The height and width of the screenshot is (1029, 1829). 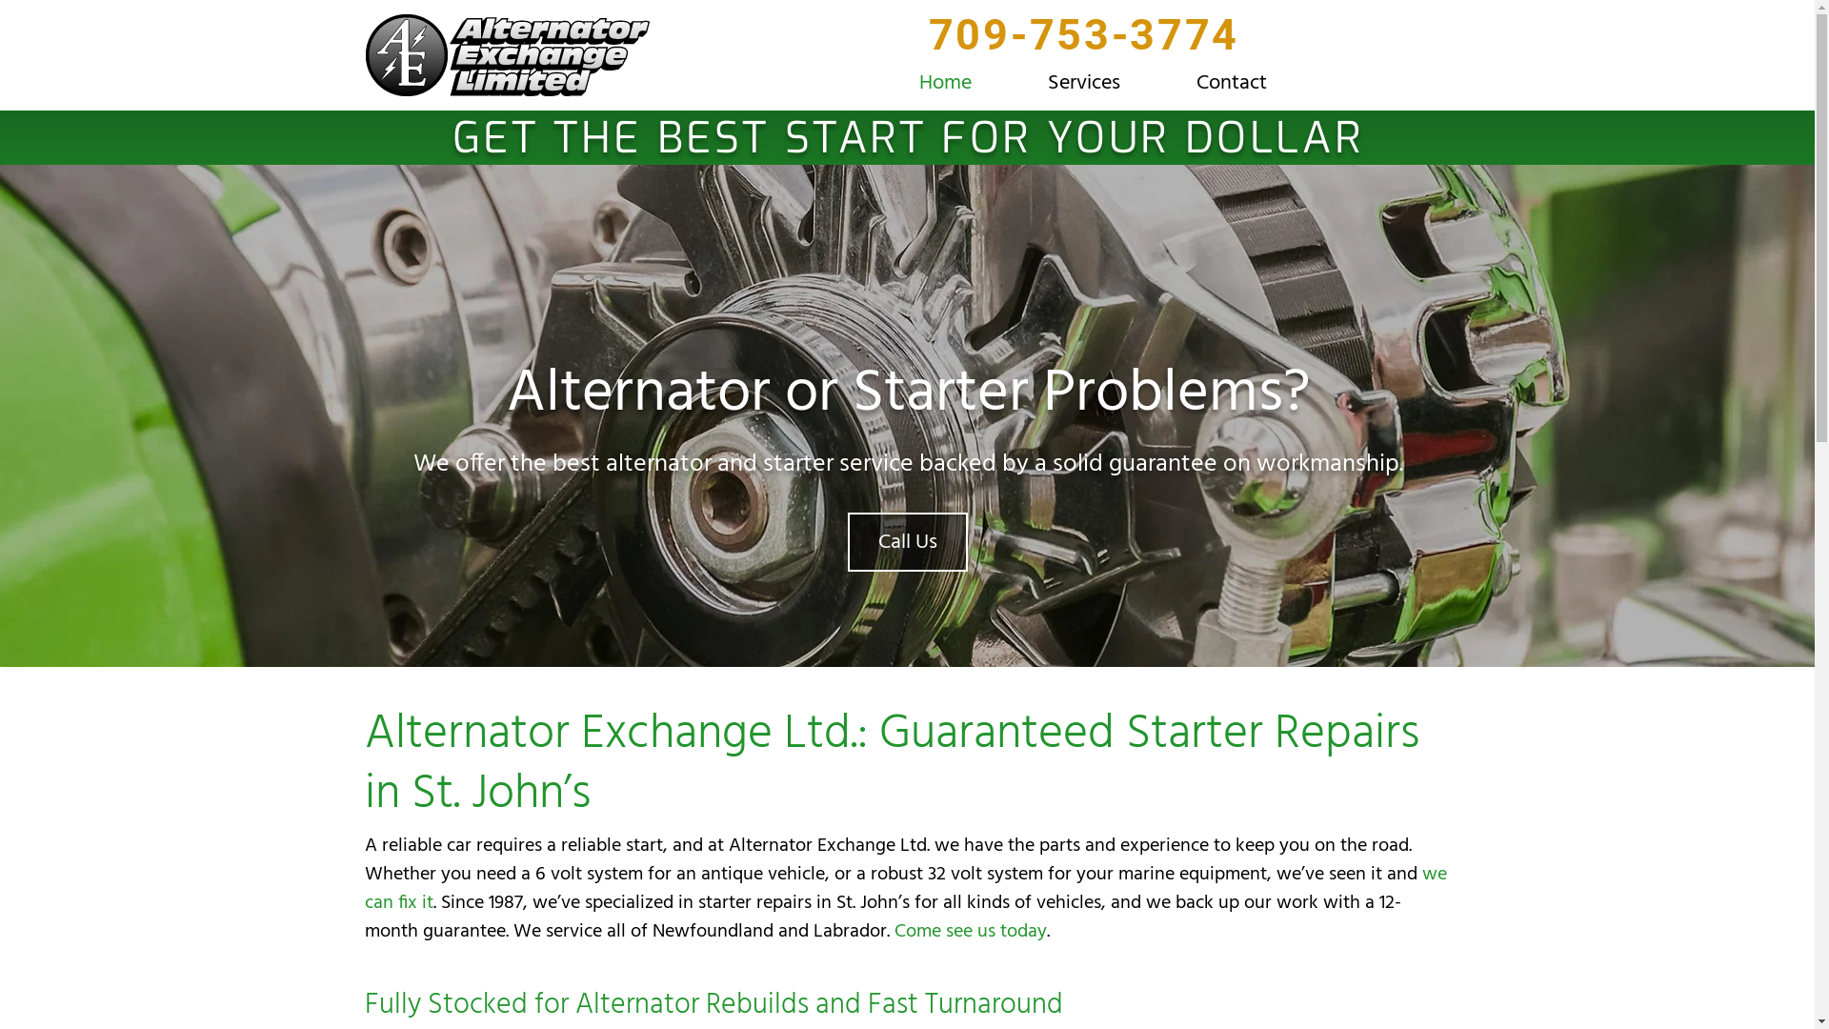 I want to click on 'Call Us', so click(x=907, y=542).